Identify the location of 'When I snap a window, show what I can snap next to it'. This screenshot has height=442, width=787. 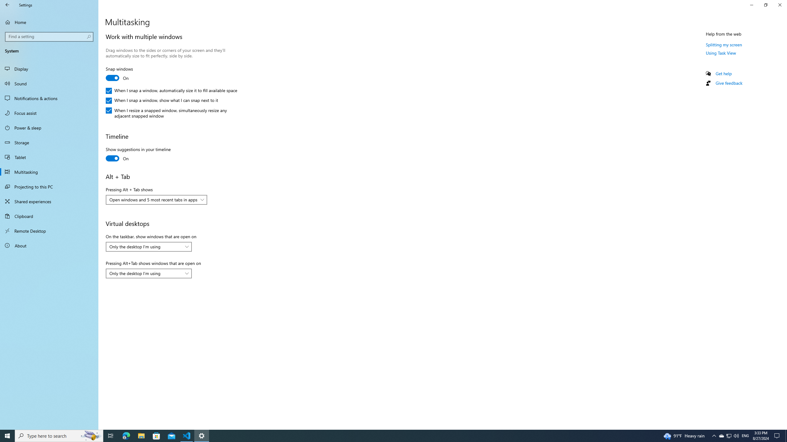
(161, 101).